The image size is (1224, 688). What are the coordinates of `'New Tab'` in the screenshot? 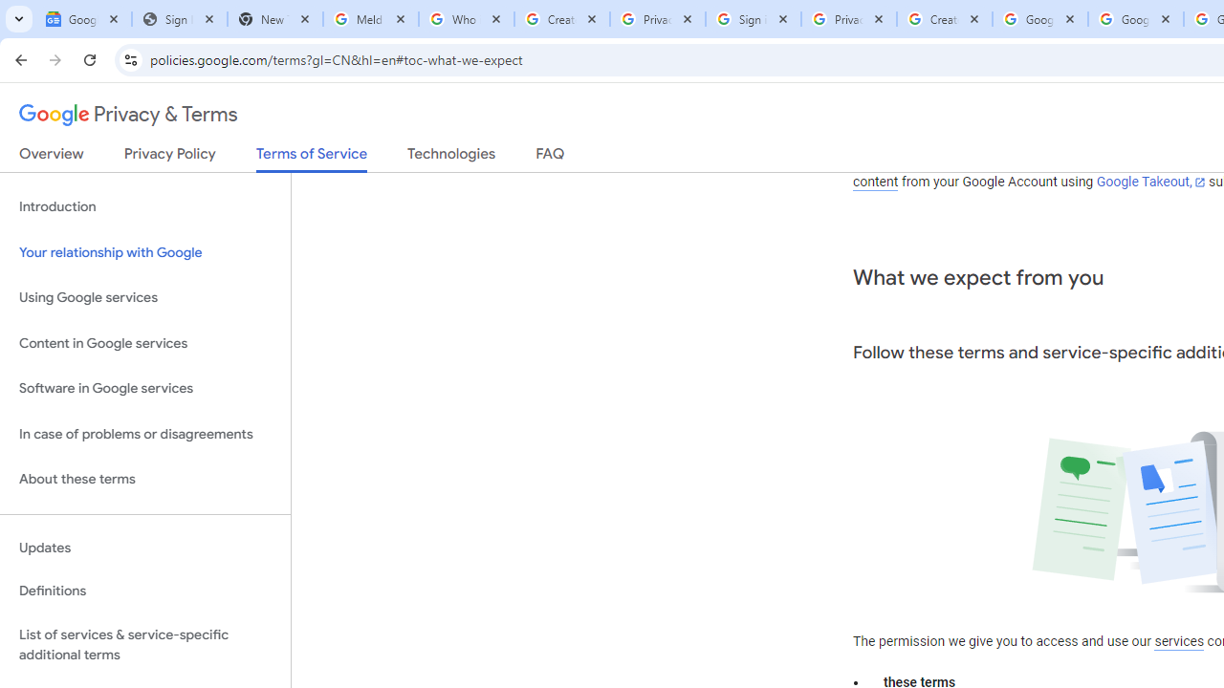 It's located at (274, 19).